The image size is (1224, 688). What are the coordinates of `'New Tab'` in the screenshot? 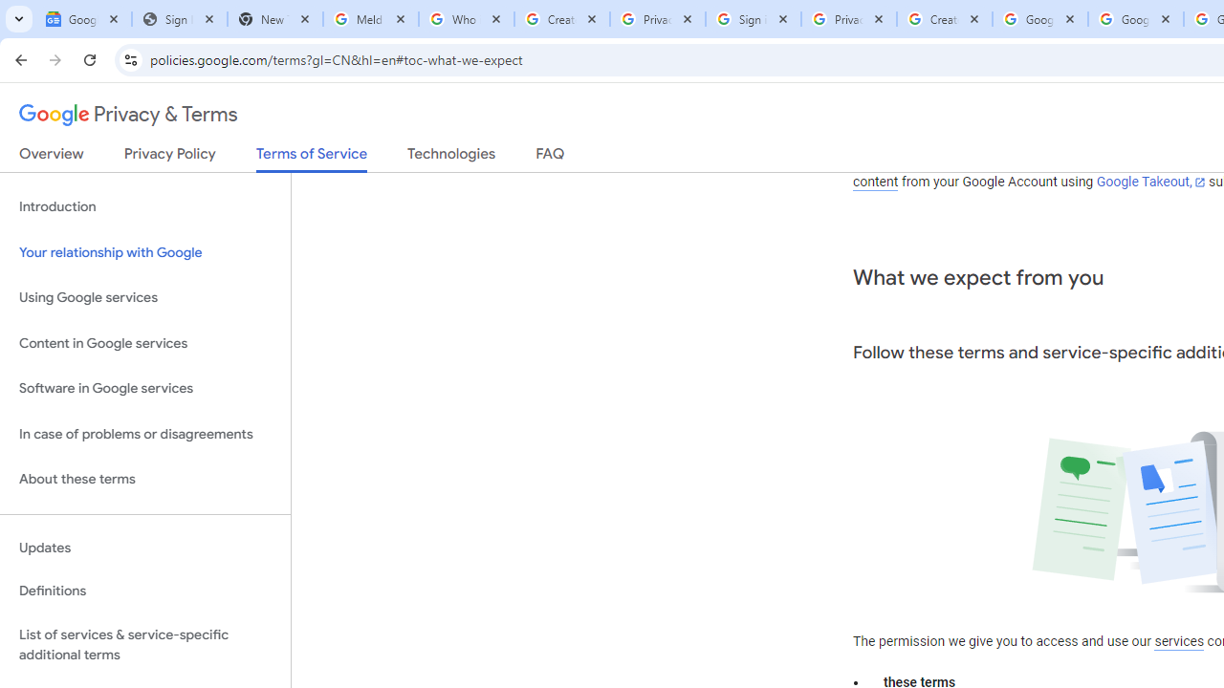 It's located at (274, 19).